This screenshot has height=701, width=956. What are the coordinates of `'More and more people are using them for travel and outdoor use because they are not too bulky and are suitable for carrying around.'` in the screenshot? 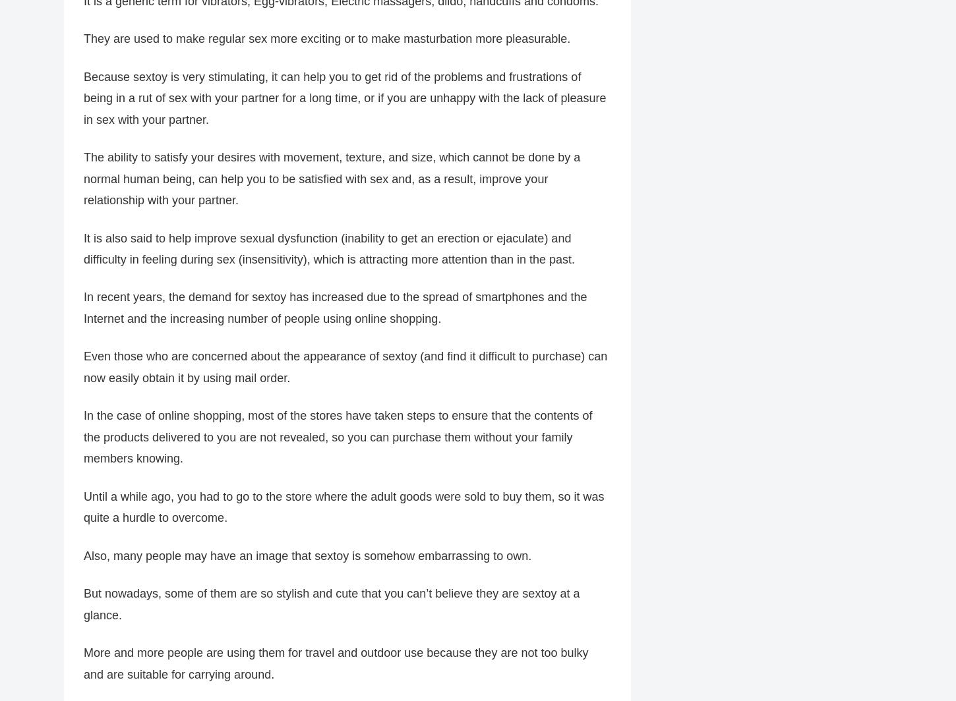 It's located at (336, 663).